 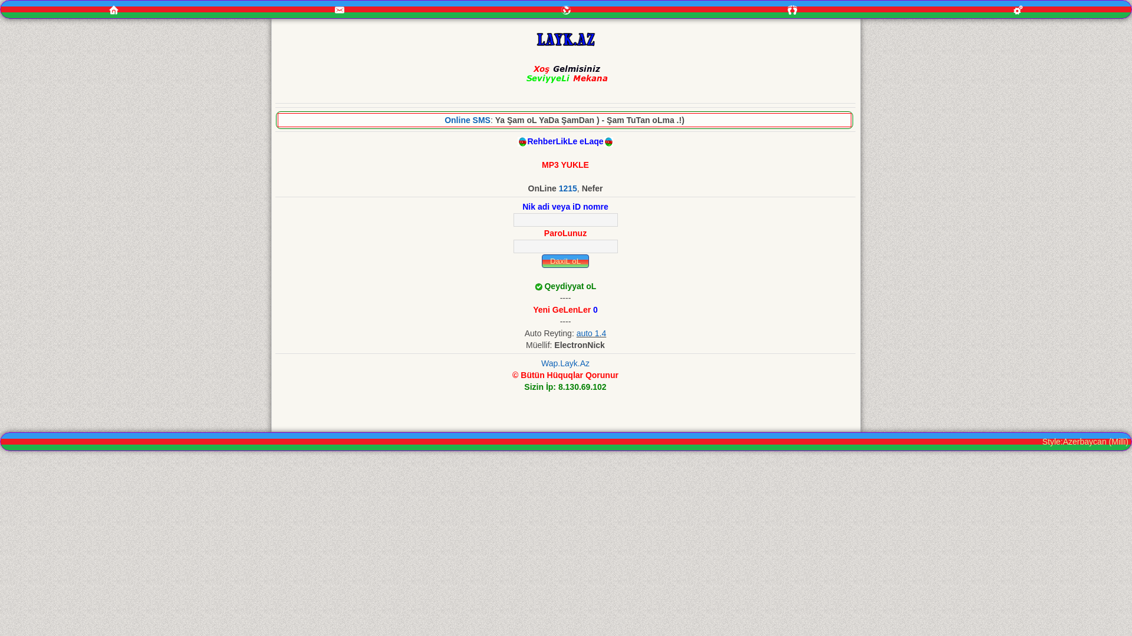 What do you see at coordinates (577, 333) in the screenshot?
I see `'auto 1.4'` at bounding box center [577, 333].